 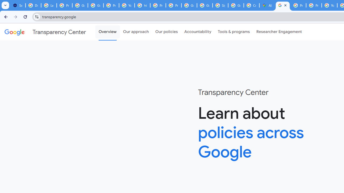 I want to click on 'Delete photos & videos - Computer - Google Photos Help', so click(x=33, y=5).